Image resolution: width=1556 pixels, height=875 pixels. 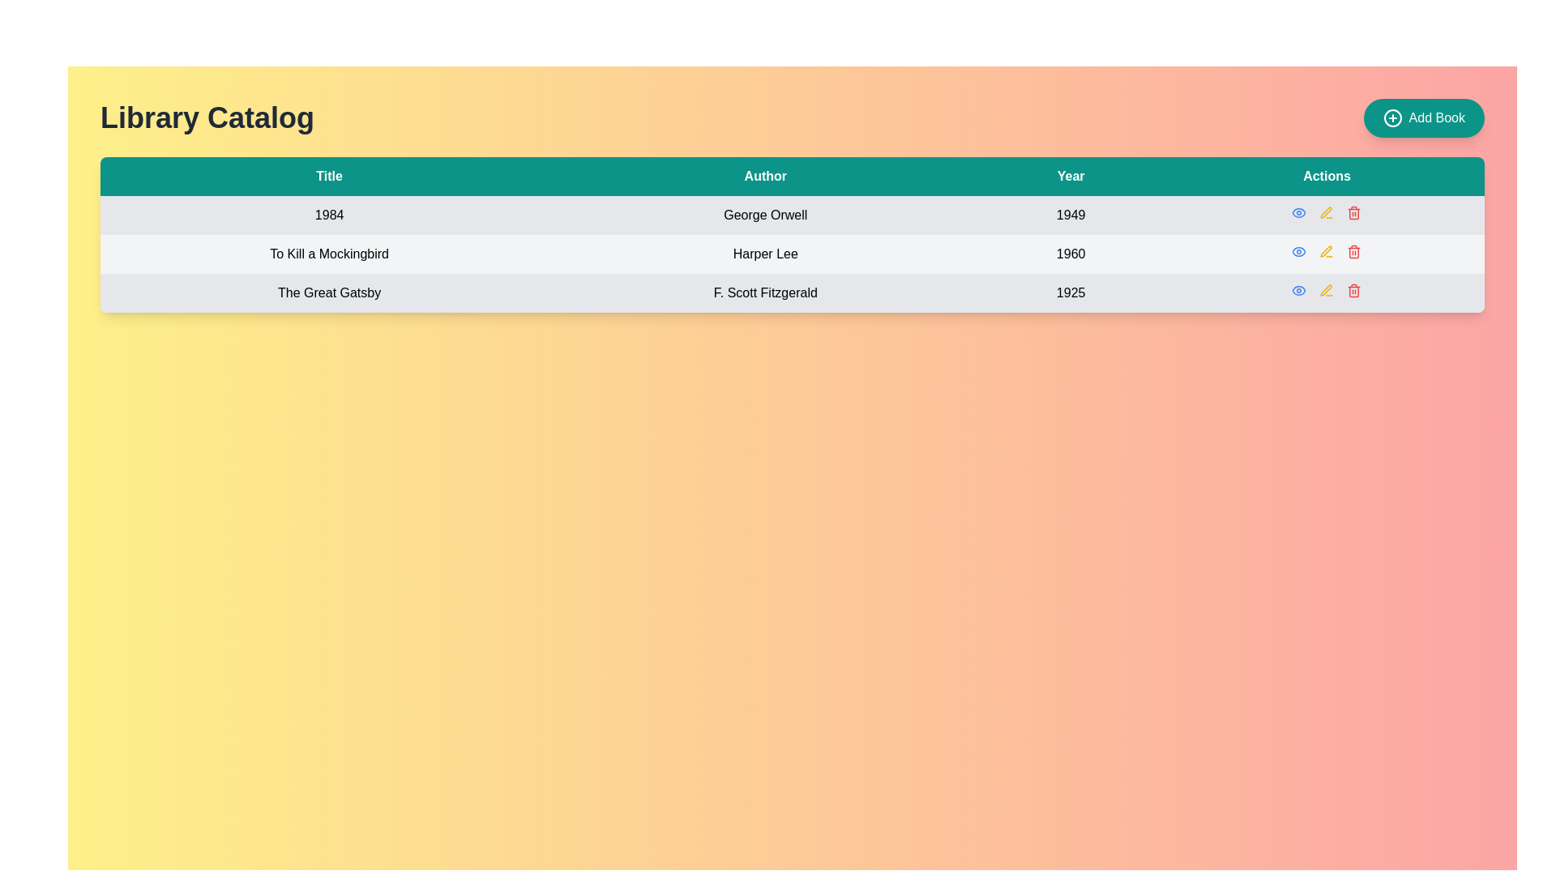 What do you see at coordinates (328, 215) in the screenshot?
I see `the static text label displaying '1984', which is located in the first column of the second row of a table, directly below the header 'Title'` at bounding box center [328, 215].